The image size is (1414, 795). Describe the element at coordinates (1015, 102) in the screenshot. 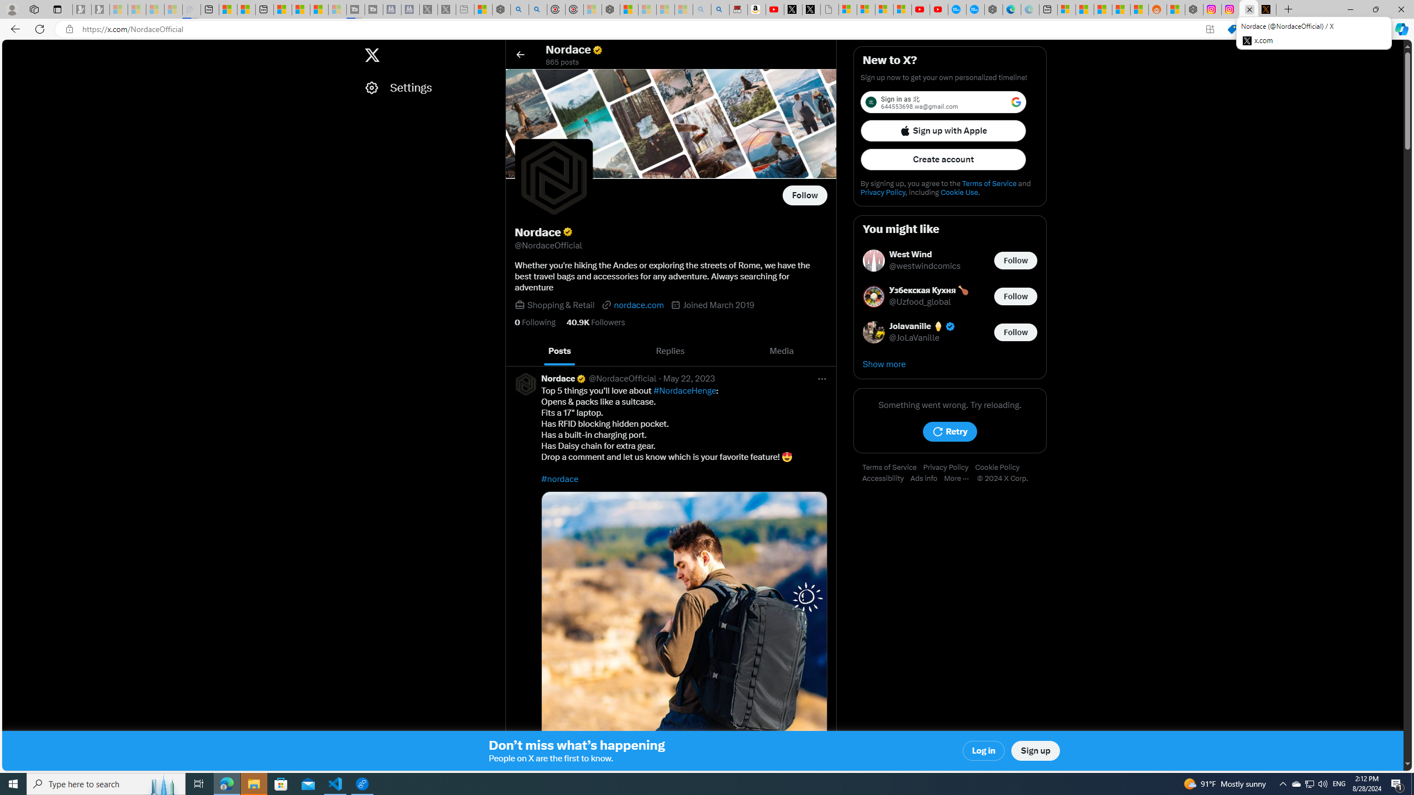

I see `'Class: LgbsSe-Bz112c'` at that location.